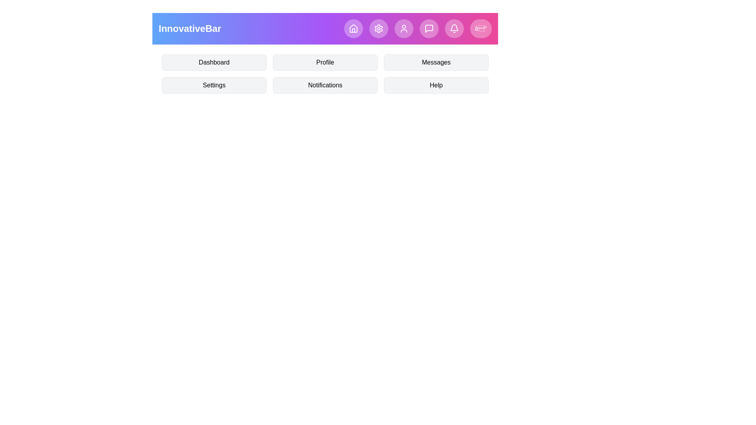 This screenshot has width=756, height=425. I want to click on the navigation icon corresponding to Bell, so click(454, 28).